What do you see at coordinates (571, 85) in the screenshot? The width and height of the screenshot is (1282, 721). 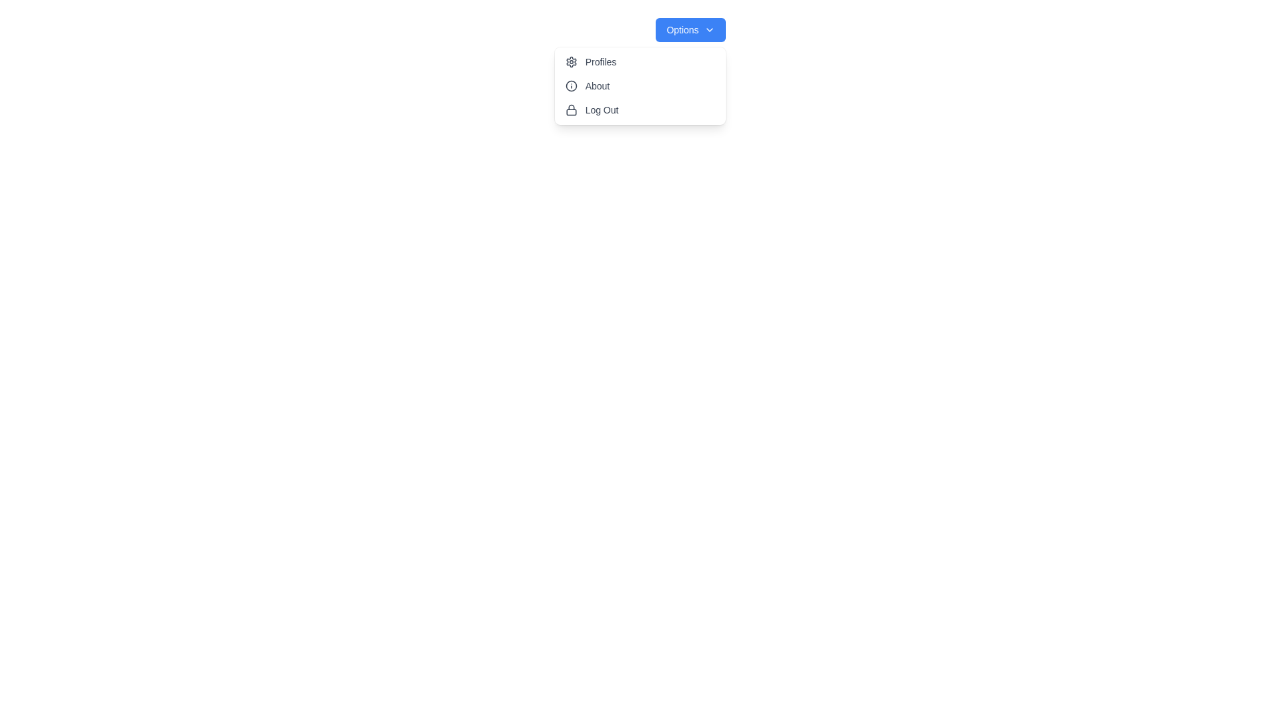 I see `the Decorative SVG Icon, which is a circular icon resembling an information symbol located within the 'About' item of the dropdown menu` at bounding box center [571, 85].